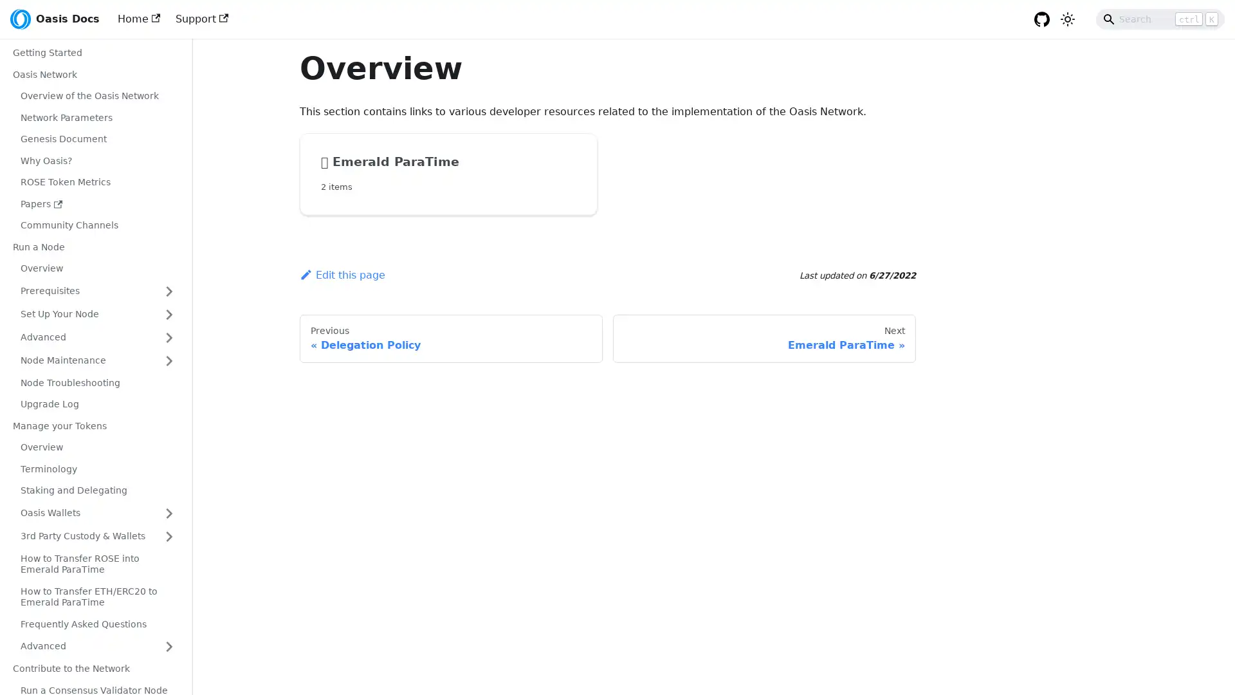 The width and height of the screenshot is (1235, 695). Describe the element at coordinates (169, 337) in the screenshot. I see `Toggle the collapsible sidebar category 'Advanced'` at that location.